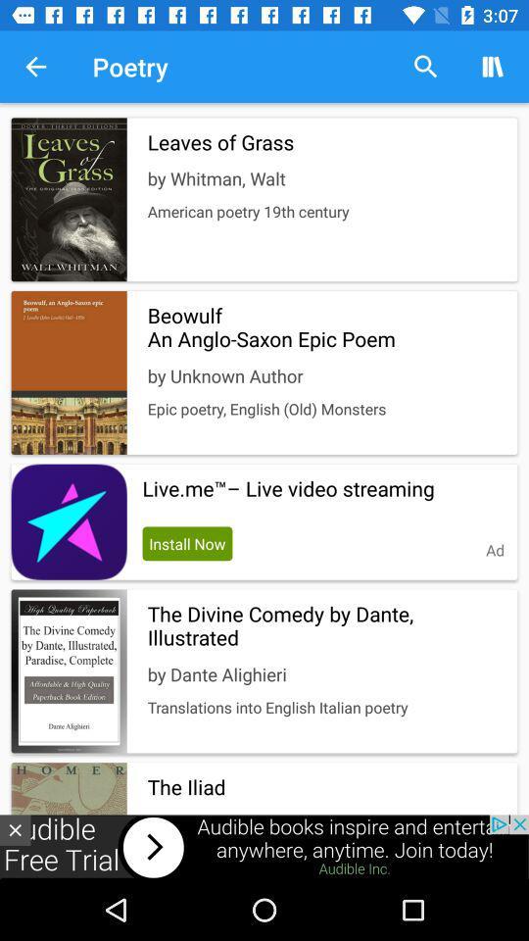 Image resolution: width=529 pixels, height=941 pixels. I want to click on visit advertiser, so click(264, 846).